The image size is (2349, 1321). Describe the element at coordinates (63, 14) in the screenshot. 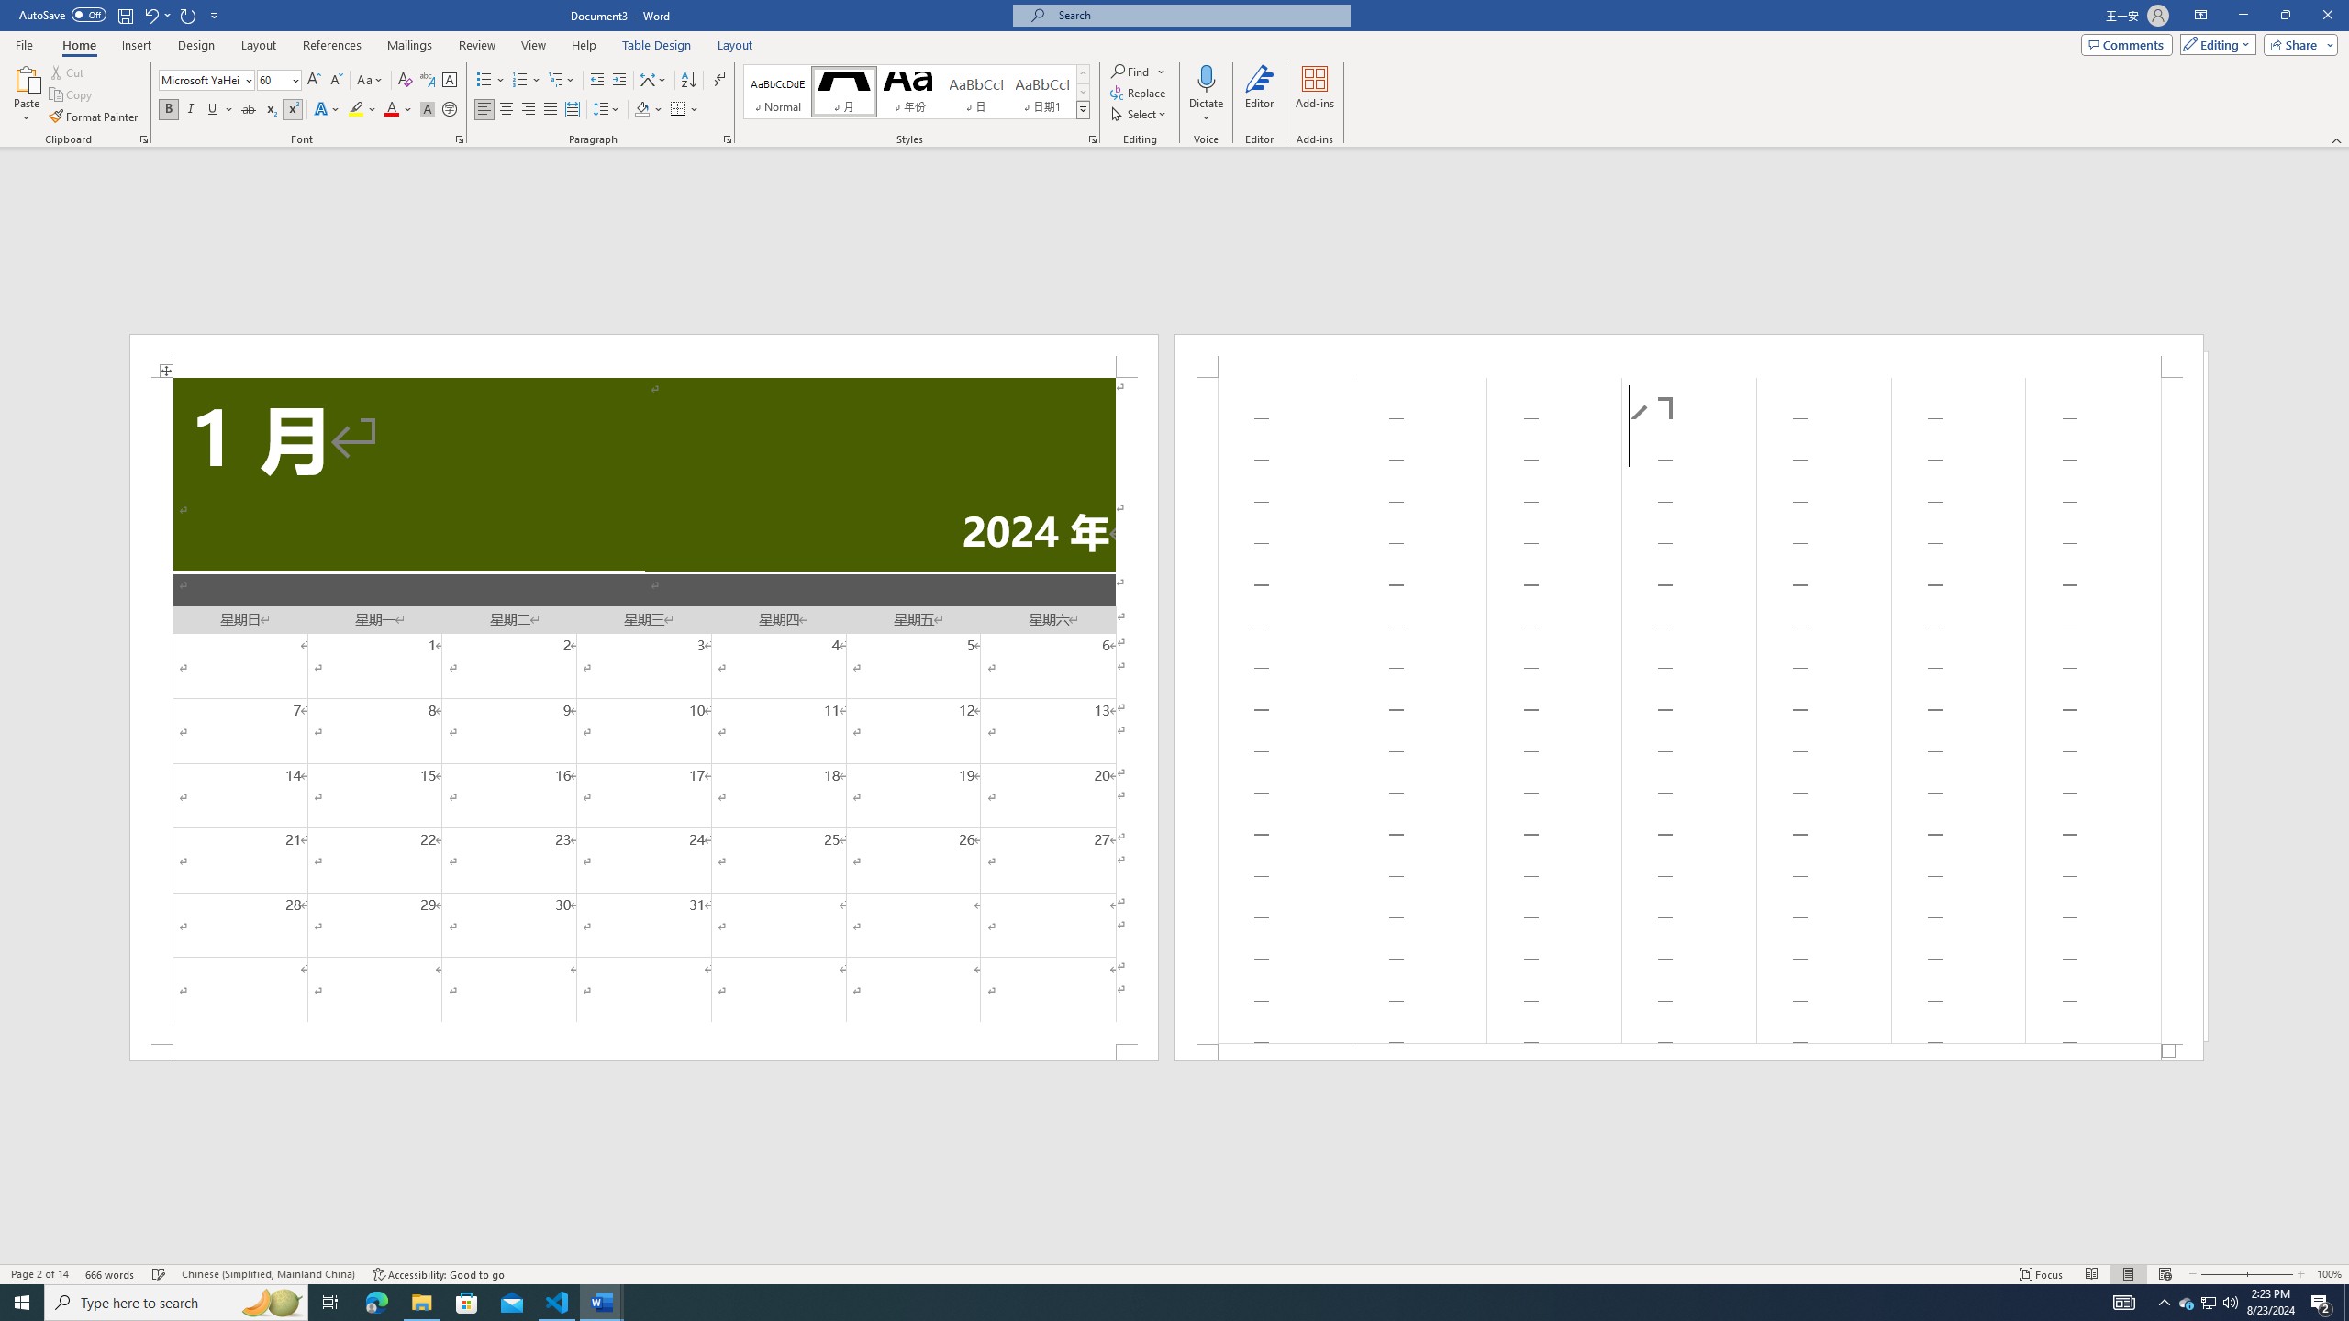

I see `'AutoSave'` at that location.